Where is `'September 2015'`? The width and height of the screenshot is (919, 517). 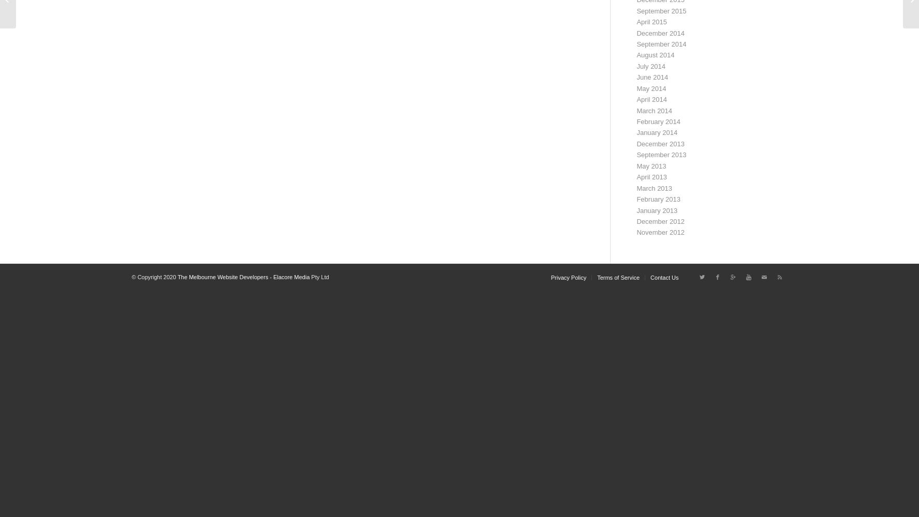 'September 2015' is located at coordinates (661, 10).